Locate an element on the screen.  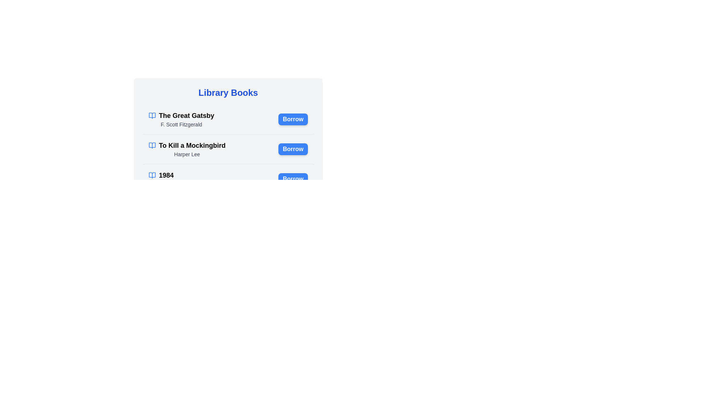
the 'Borrow' button for the book titled 'To Kill a Mockingbird' is located at coordinates (293, 149).